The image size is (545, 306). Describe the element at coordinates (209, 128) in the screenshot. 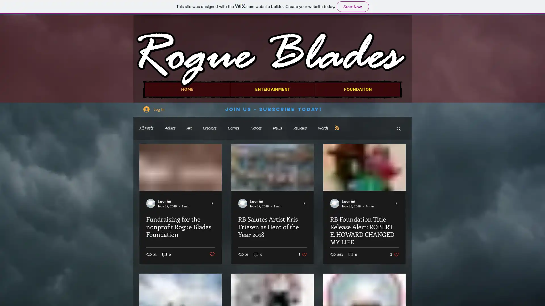

I see `Creators` at that location.